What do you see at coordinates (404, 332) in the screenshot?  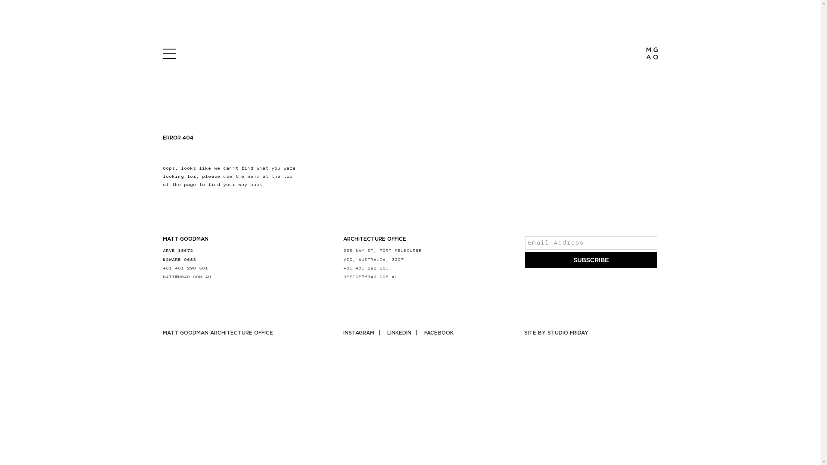 I see `'LINKEDIN'` at bounding box center [404, 332].